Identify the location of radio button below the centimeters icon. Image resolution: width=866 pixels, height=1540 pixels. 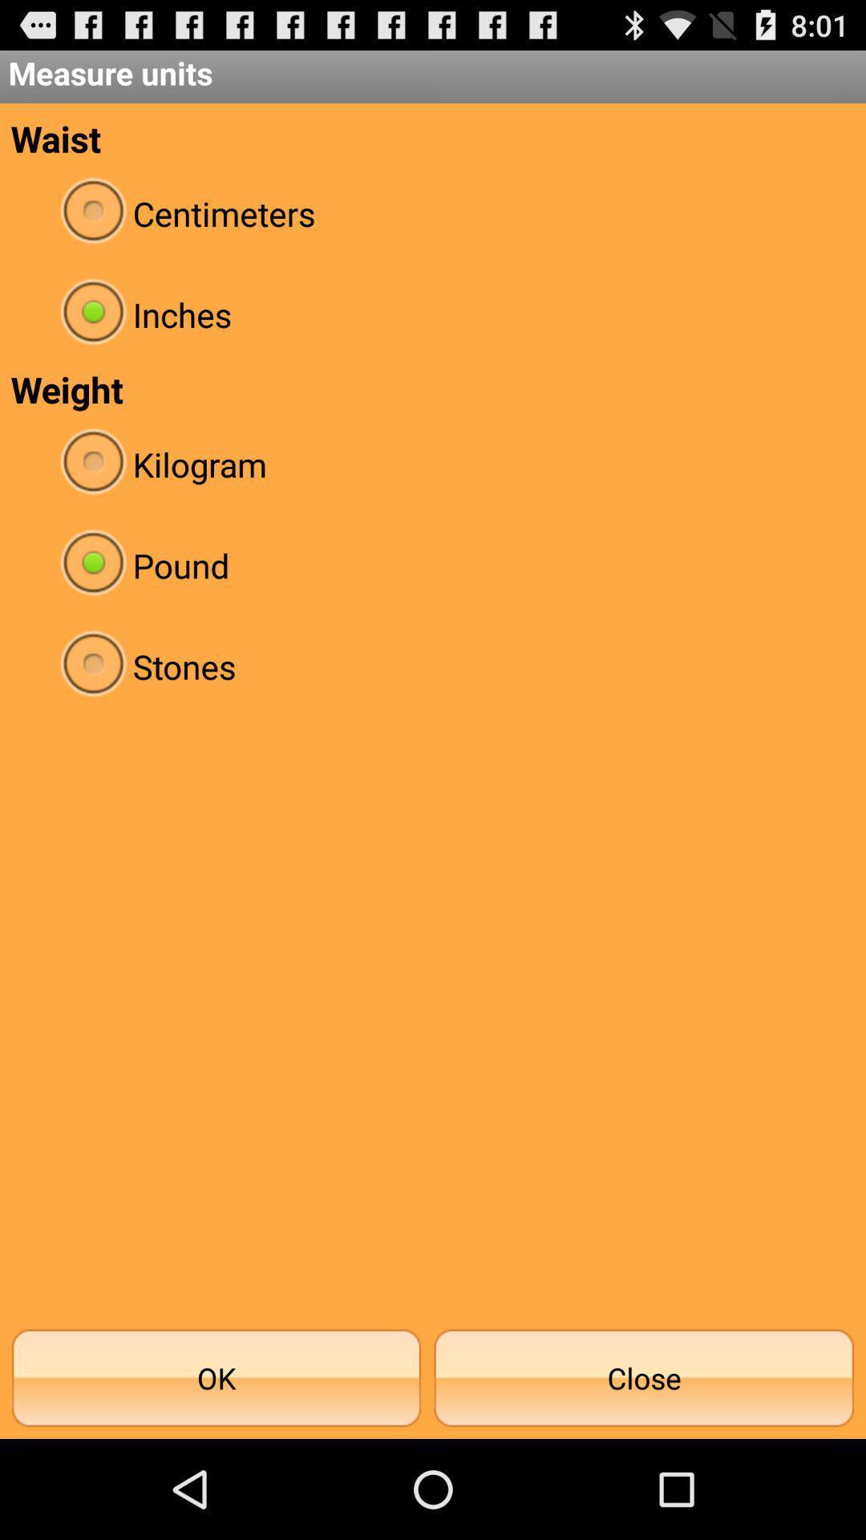
(433, 314).